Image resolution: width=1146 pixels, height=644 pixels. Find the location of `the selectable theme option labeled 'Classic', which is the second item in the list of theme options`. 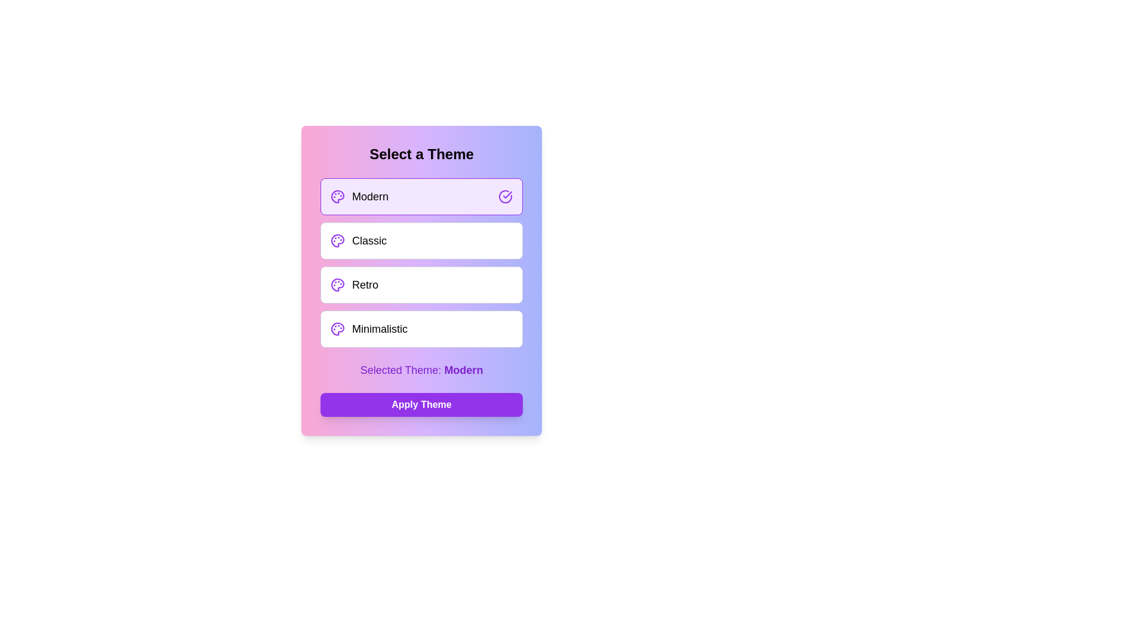

the selectable theme option labeled 'Classic', which is the second item in the list of theme options is located at coordinates (421, 262).